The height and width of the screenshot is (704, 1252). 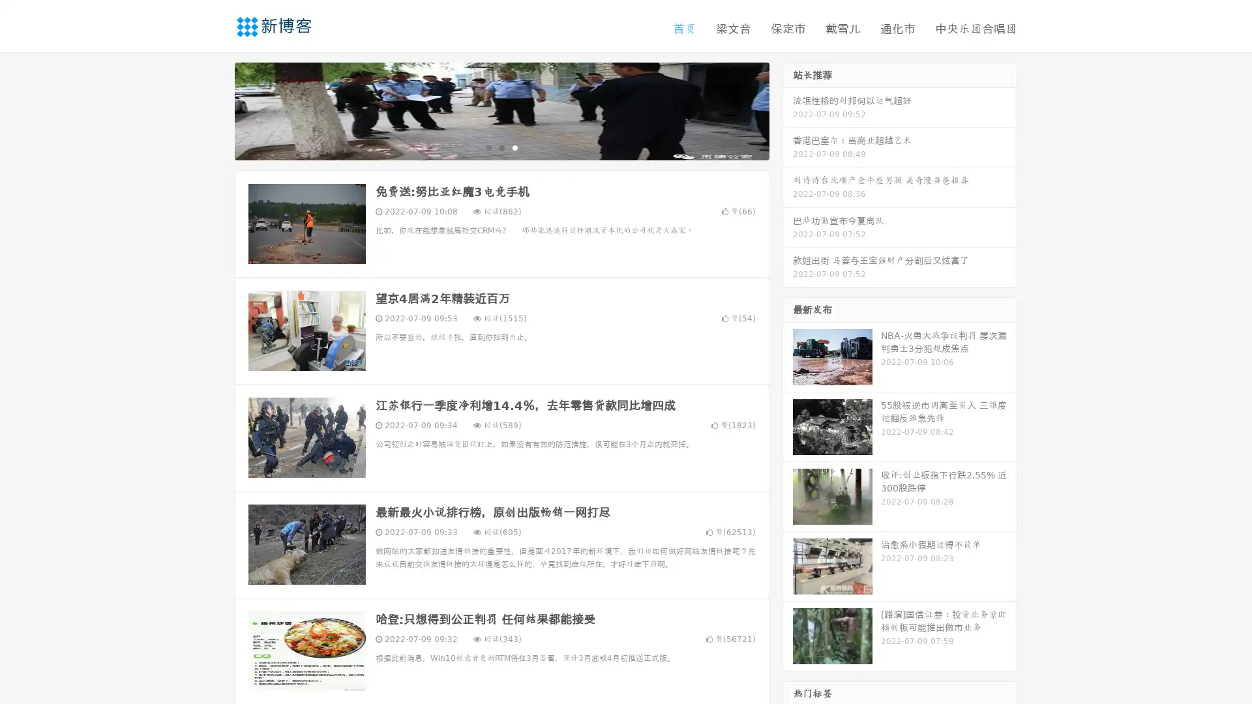 I want to click on Previous slide, so click(x=215, y=110).